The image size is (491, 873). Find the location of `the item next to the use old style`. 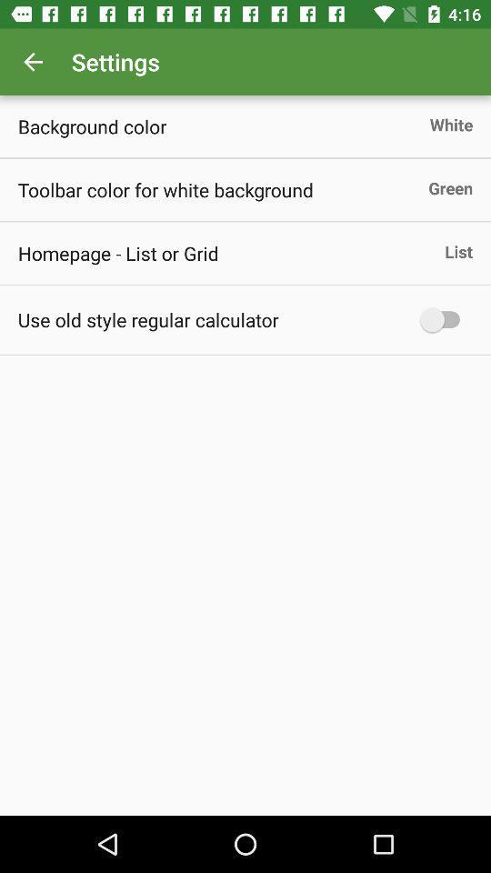

the item next to the use old style is located at coordinates (444, 319).